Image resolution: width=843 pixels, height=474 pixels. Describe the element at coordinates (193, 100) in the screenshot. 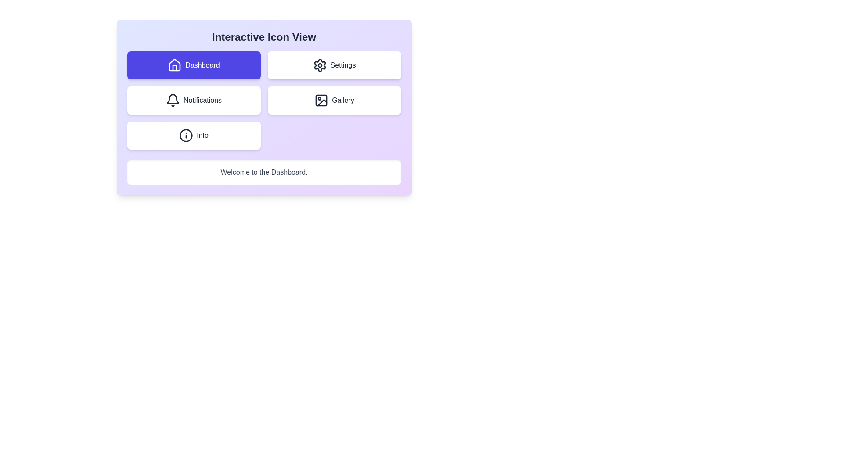

I see `the button located in the bottom-left quadrant of the grid layout, specifically in the second row first column` at that location.